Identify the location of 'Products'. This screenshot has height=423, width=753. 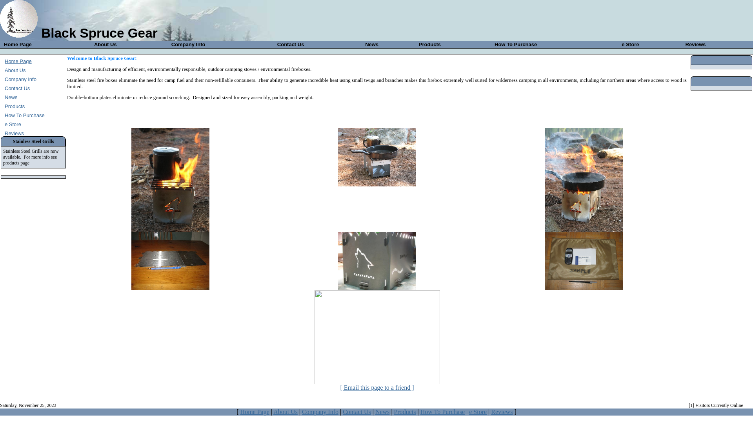
(15, 106).